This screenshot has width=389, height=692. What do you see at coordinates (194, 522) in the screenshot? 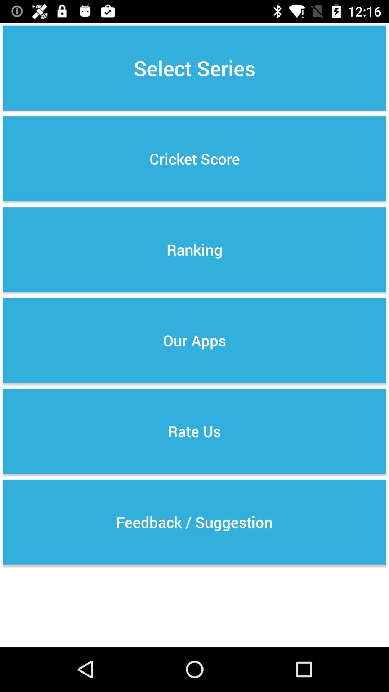
I see `icon below the rate us` at bounding box center [194, 522].